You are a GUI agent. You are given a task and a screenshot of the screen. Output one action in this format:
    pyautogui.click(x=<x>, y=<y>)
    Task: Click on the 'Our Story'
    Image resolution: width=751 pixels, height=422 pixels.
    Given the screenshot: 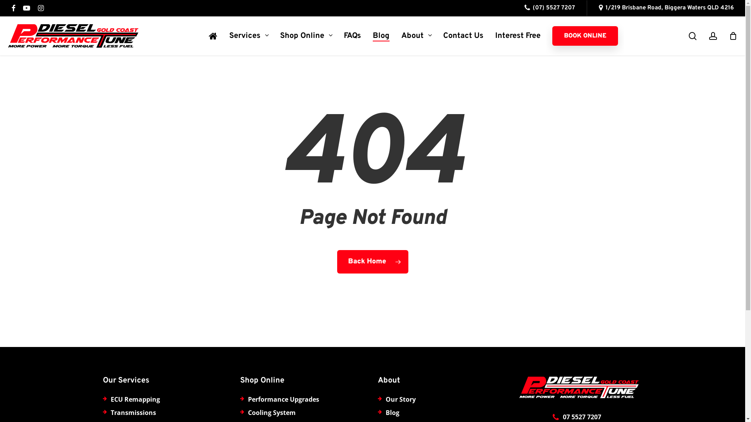 What is the action you would take?
    pyautogui.click(x=401, y=399)
    